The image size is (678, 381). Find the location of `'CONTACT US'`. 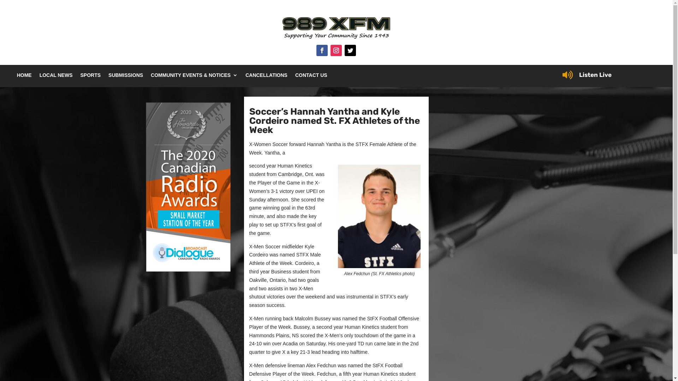

'CONTACT US' is located at coordinates (311, 76).